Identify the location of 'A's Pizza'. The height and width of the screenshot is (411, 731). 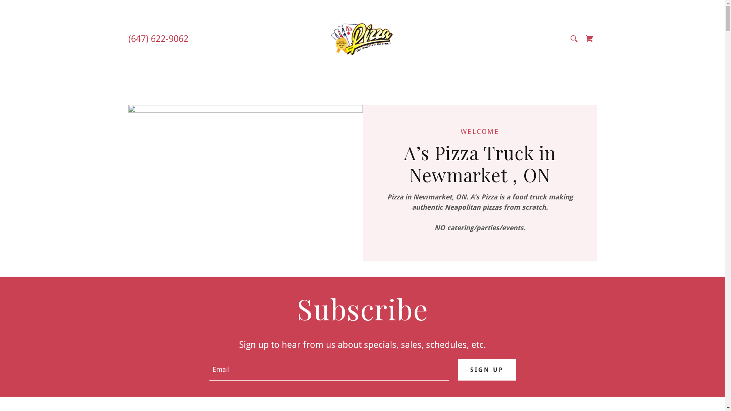
(329, 38).